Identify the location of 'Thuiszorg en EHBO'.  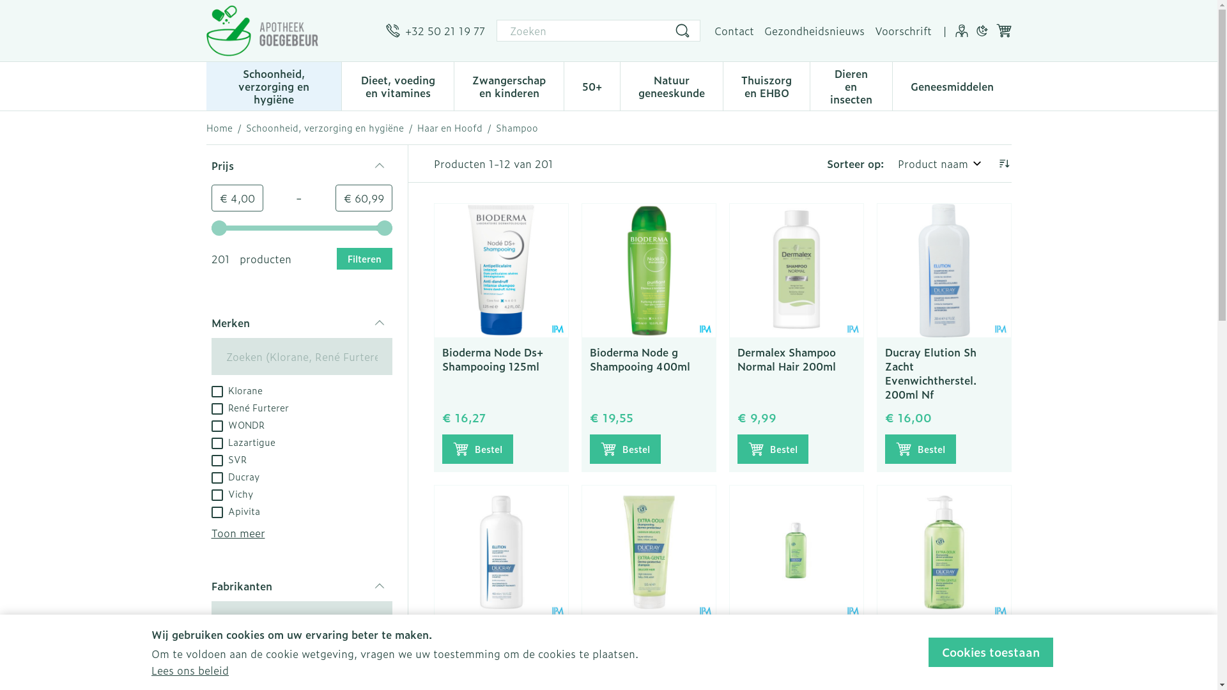
(766, 84).